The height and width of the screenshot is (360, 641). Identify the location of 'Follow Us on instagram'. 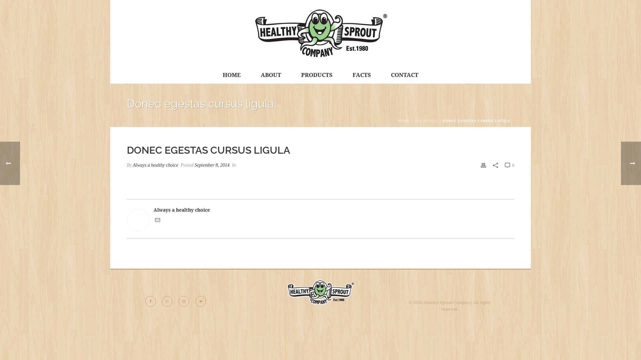
(178, 301).